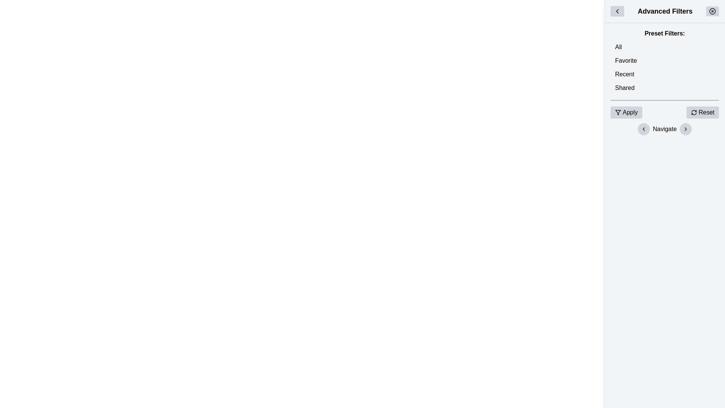 The image size is (725, 408). I want to click on the filter button labeled 'Shared' in the right-hand sidebar to observe the background color change, so click(665, 87).